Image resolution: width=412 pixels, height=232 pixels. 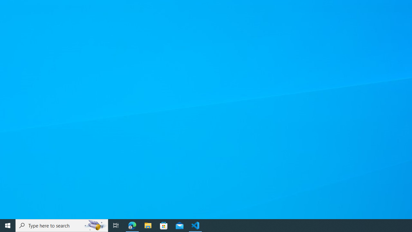 What do you see at coordinates (8, 225) in the screenshot?
I see `'Start'` at bounding box center [8, 225].